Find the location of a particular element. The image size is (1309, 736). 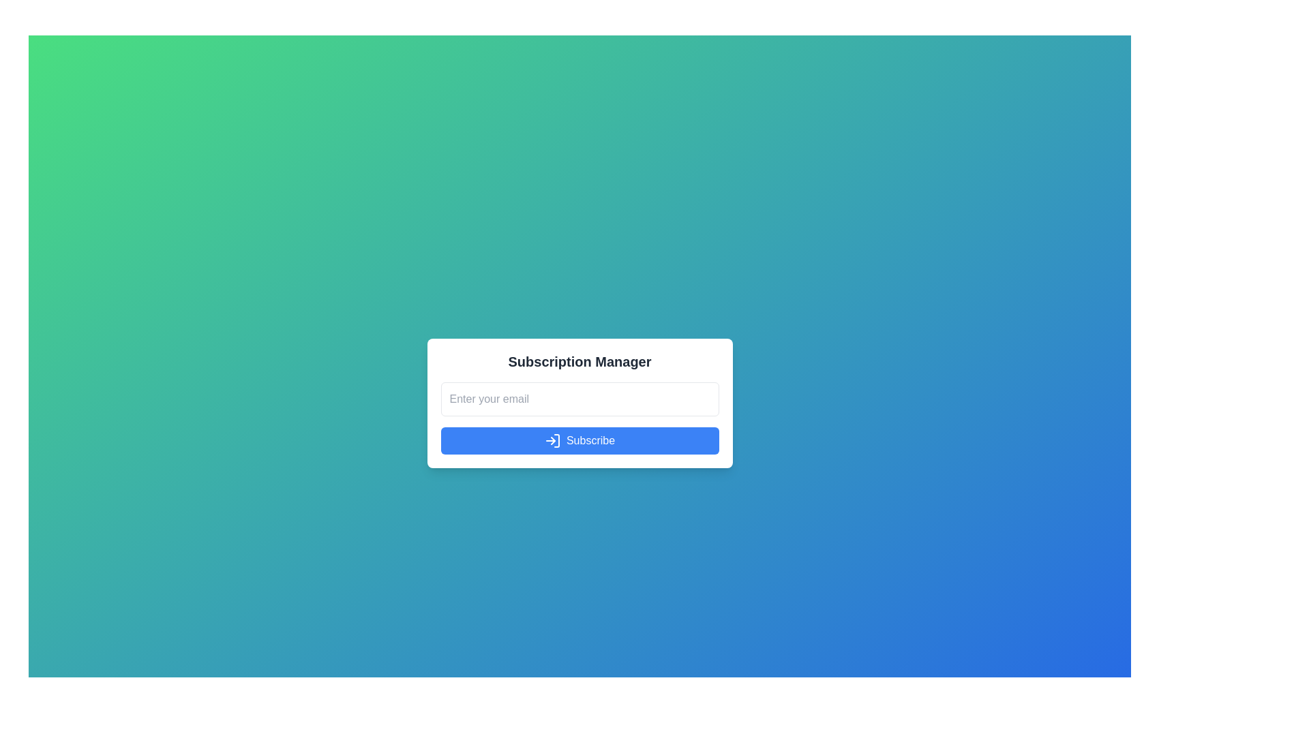

the blue 'Subscribe' button featuring a login arrow icon on the left to observe the hover effects is located at coordinates (580, 441).